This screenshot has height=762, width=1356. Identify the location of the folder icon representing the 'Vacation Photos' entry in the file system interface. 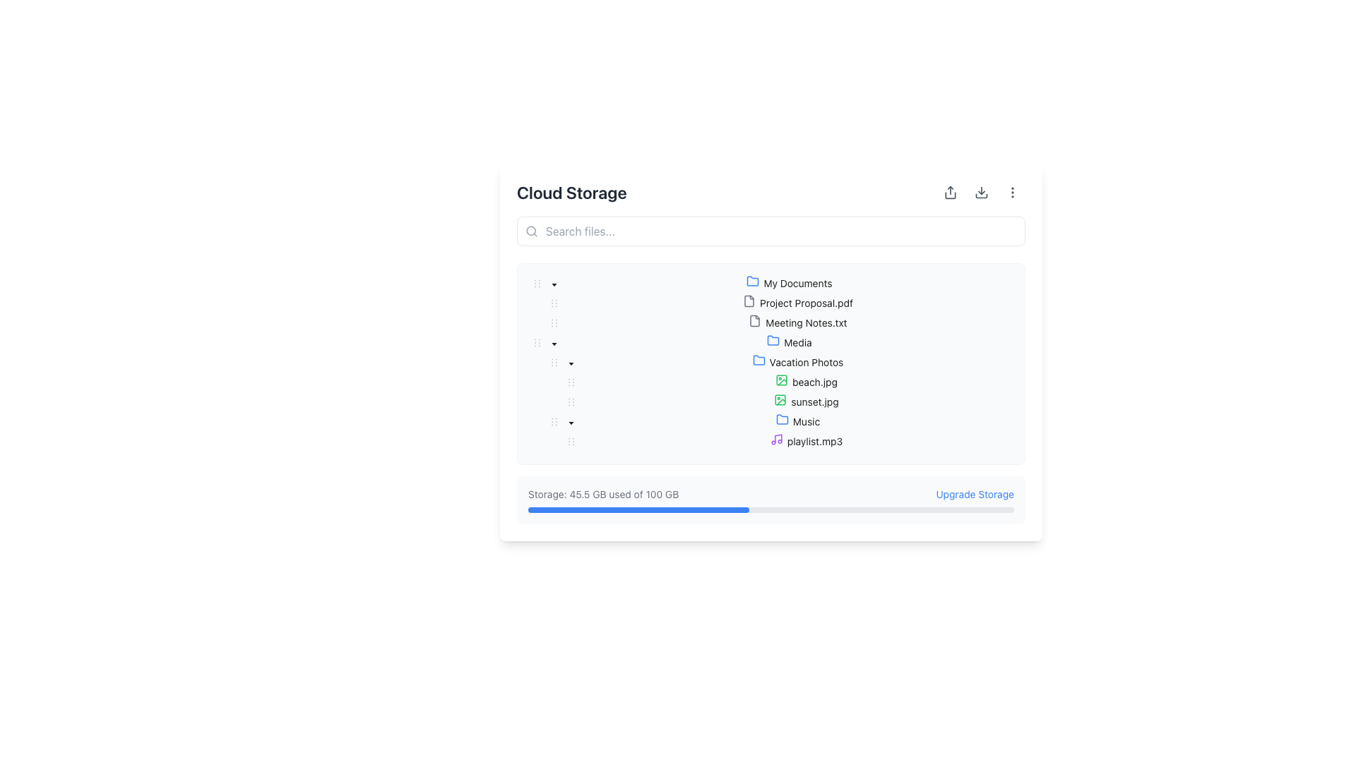
(752, 281).